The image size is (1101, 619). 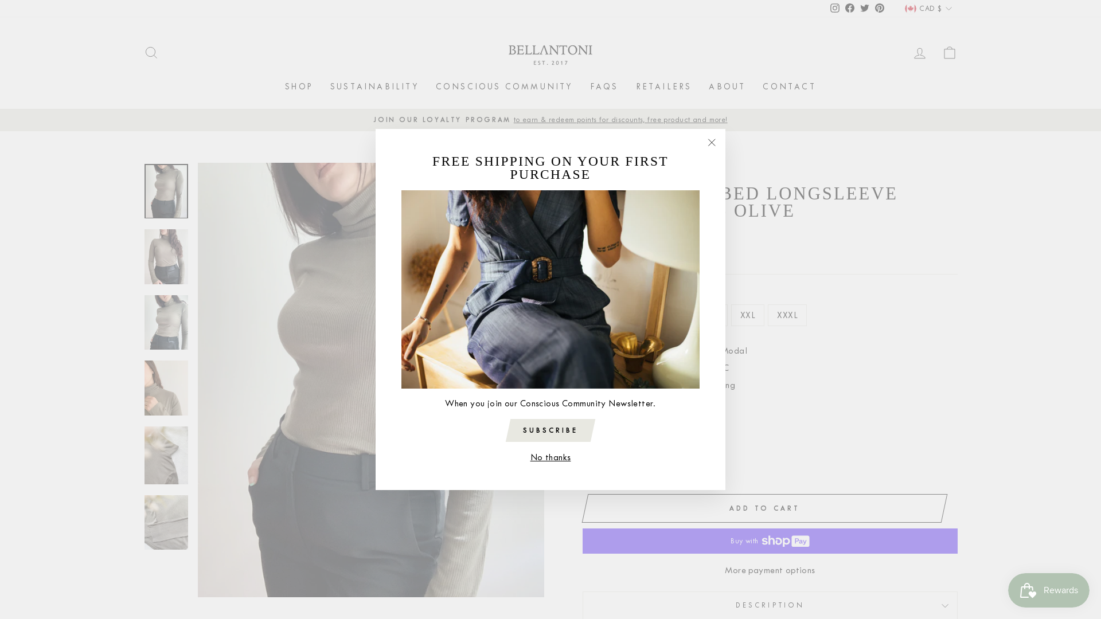 I want to click on 'Facebook', so click(x=850, y=9).